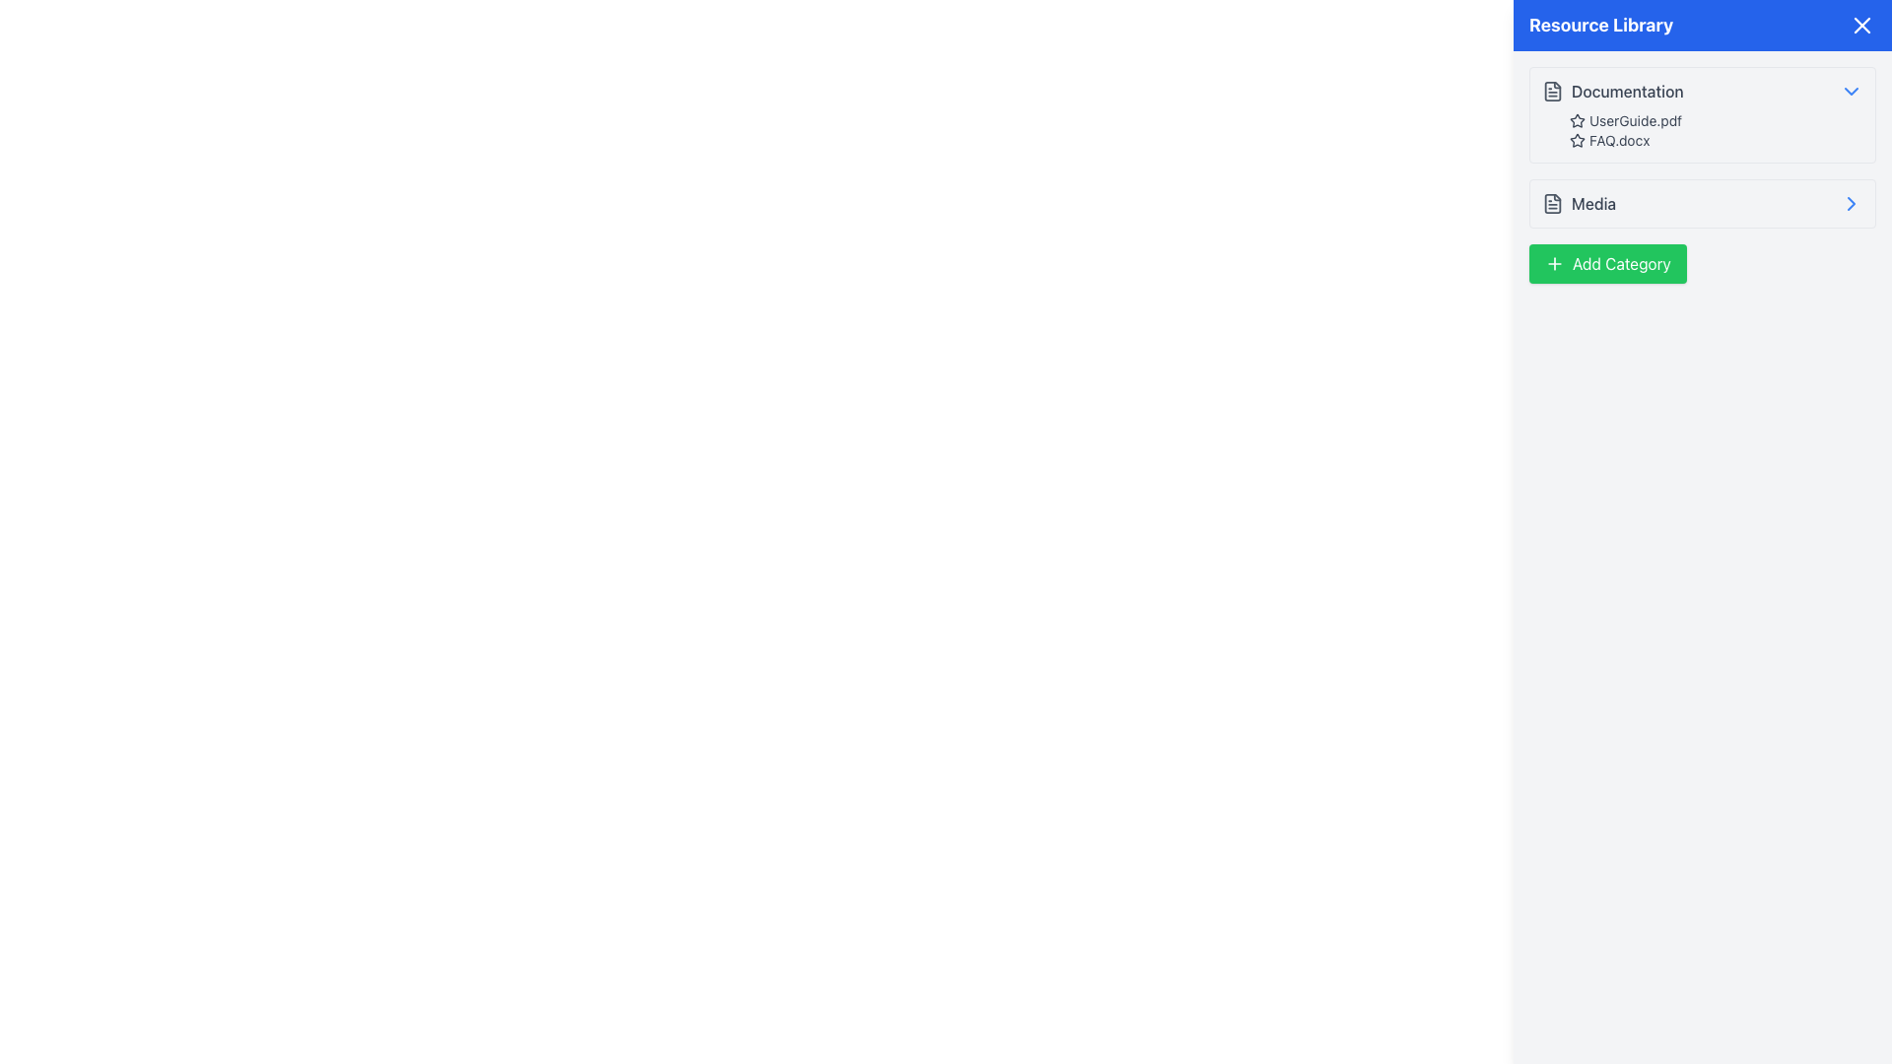 Image resolution: width=1892 pixels, height=1064 pixels. What do you see at coordinates (1850, 91) in the screenshot?
I see `the chevron icon that serves as a toggle for expanding or collapsing the 'Documentation' section in the 'Resource Library' pane` at bounding box center [1850, 91].